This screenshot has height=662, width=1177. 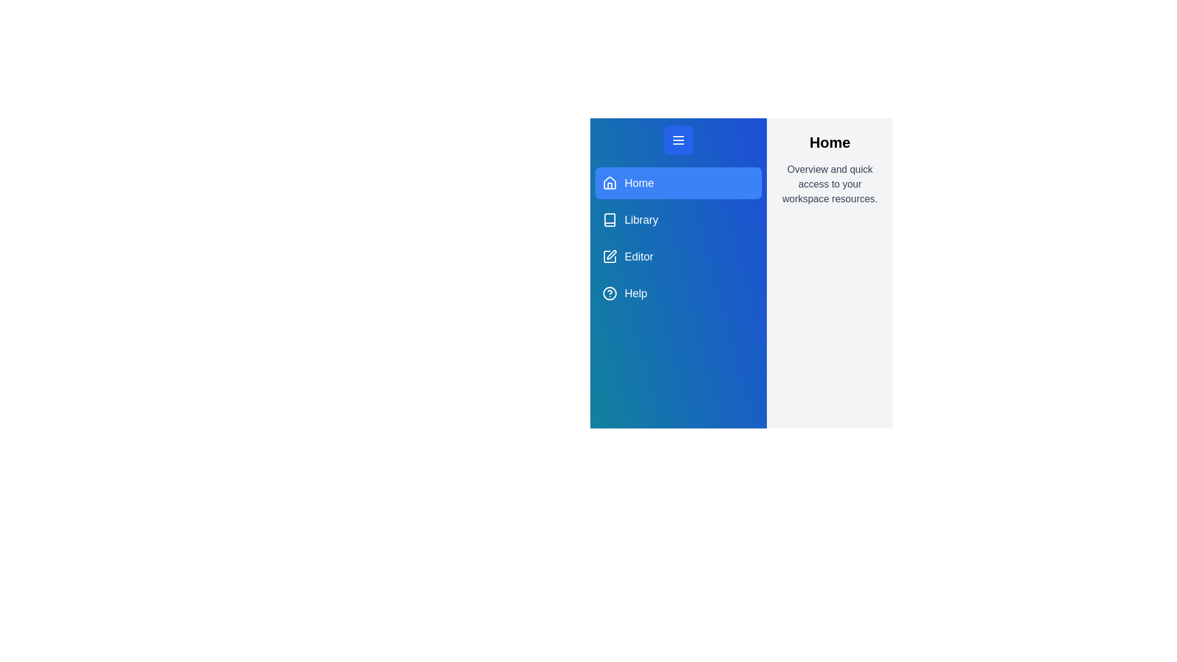 I want to click on the navigation menu item for Library, so click(x=678, y=219).